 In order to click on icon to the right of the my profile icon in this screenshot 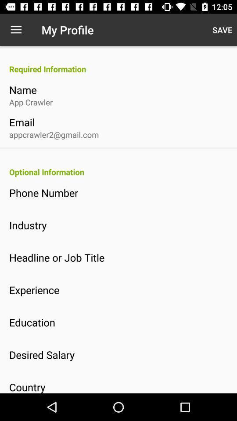, I will do `click(222, 30)`.